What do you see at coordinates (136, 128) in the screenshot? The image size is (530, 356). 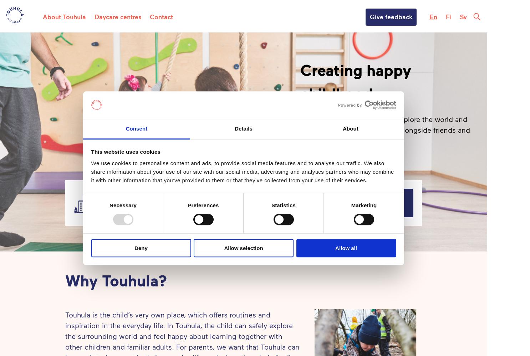 I see `'Consent'` at bounding box center [136, 128].